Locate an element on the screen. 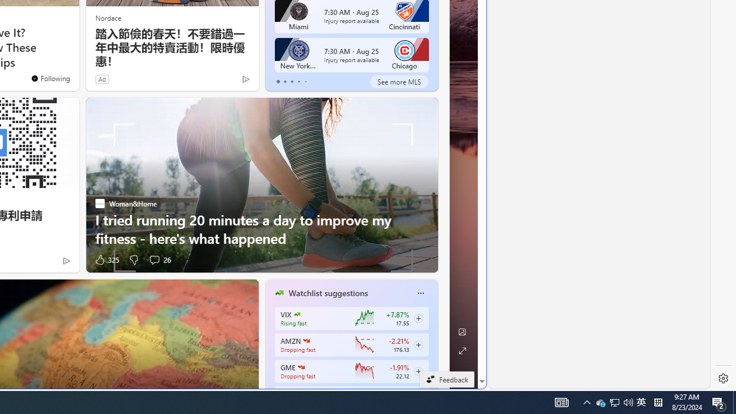  'View comments 26 Comment' is located at coordinates (154, 260).